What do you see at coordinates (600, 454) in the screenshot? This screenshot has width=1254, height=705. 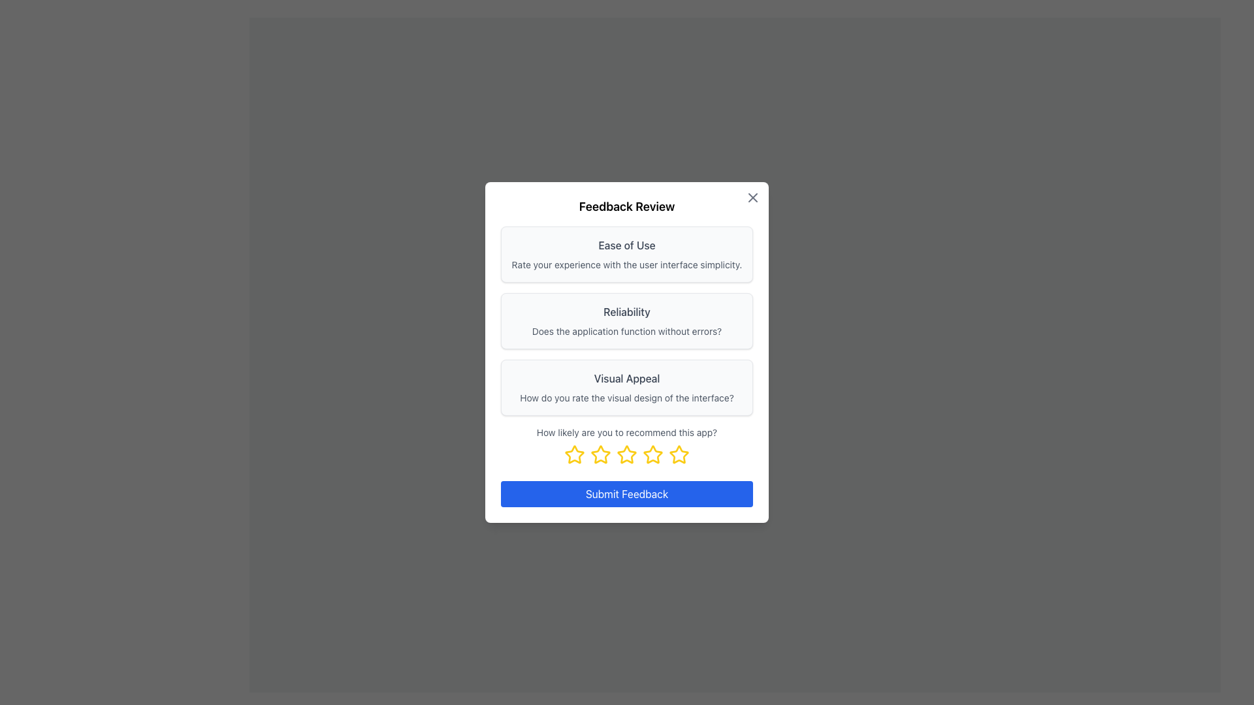 I see `the third yellow star icon with a hollow center` at bounding box center [600, 454].